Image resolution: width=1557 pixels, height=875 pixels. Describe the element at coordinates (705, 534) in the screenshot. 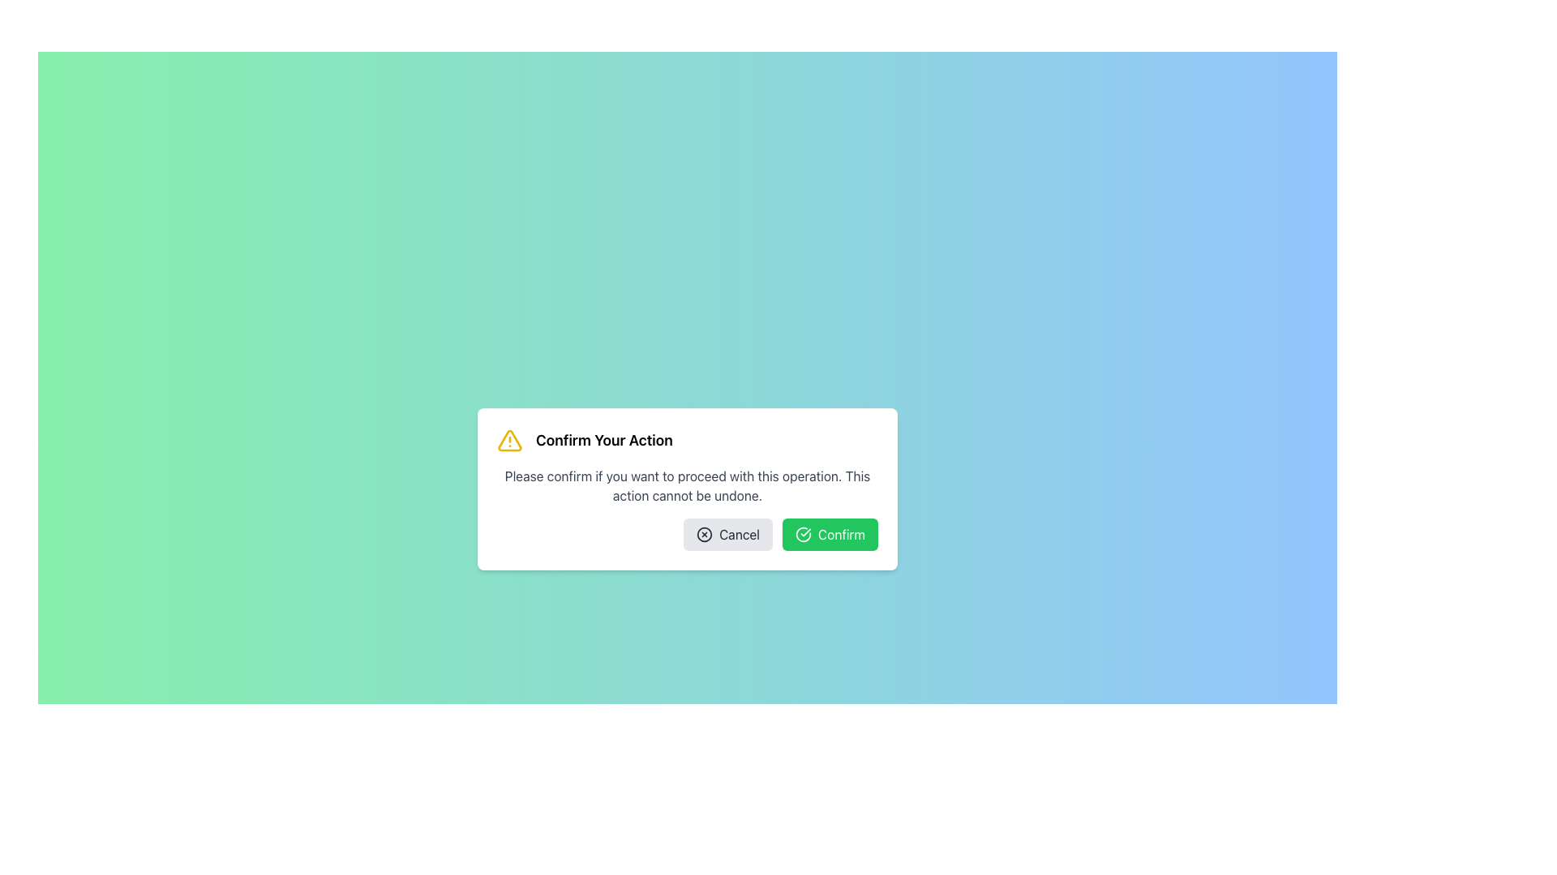

I see `the cancel icon located to the left of the 'Cancel' button at the bottom of the modal window` at that location.